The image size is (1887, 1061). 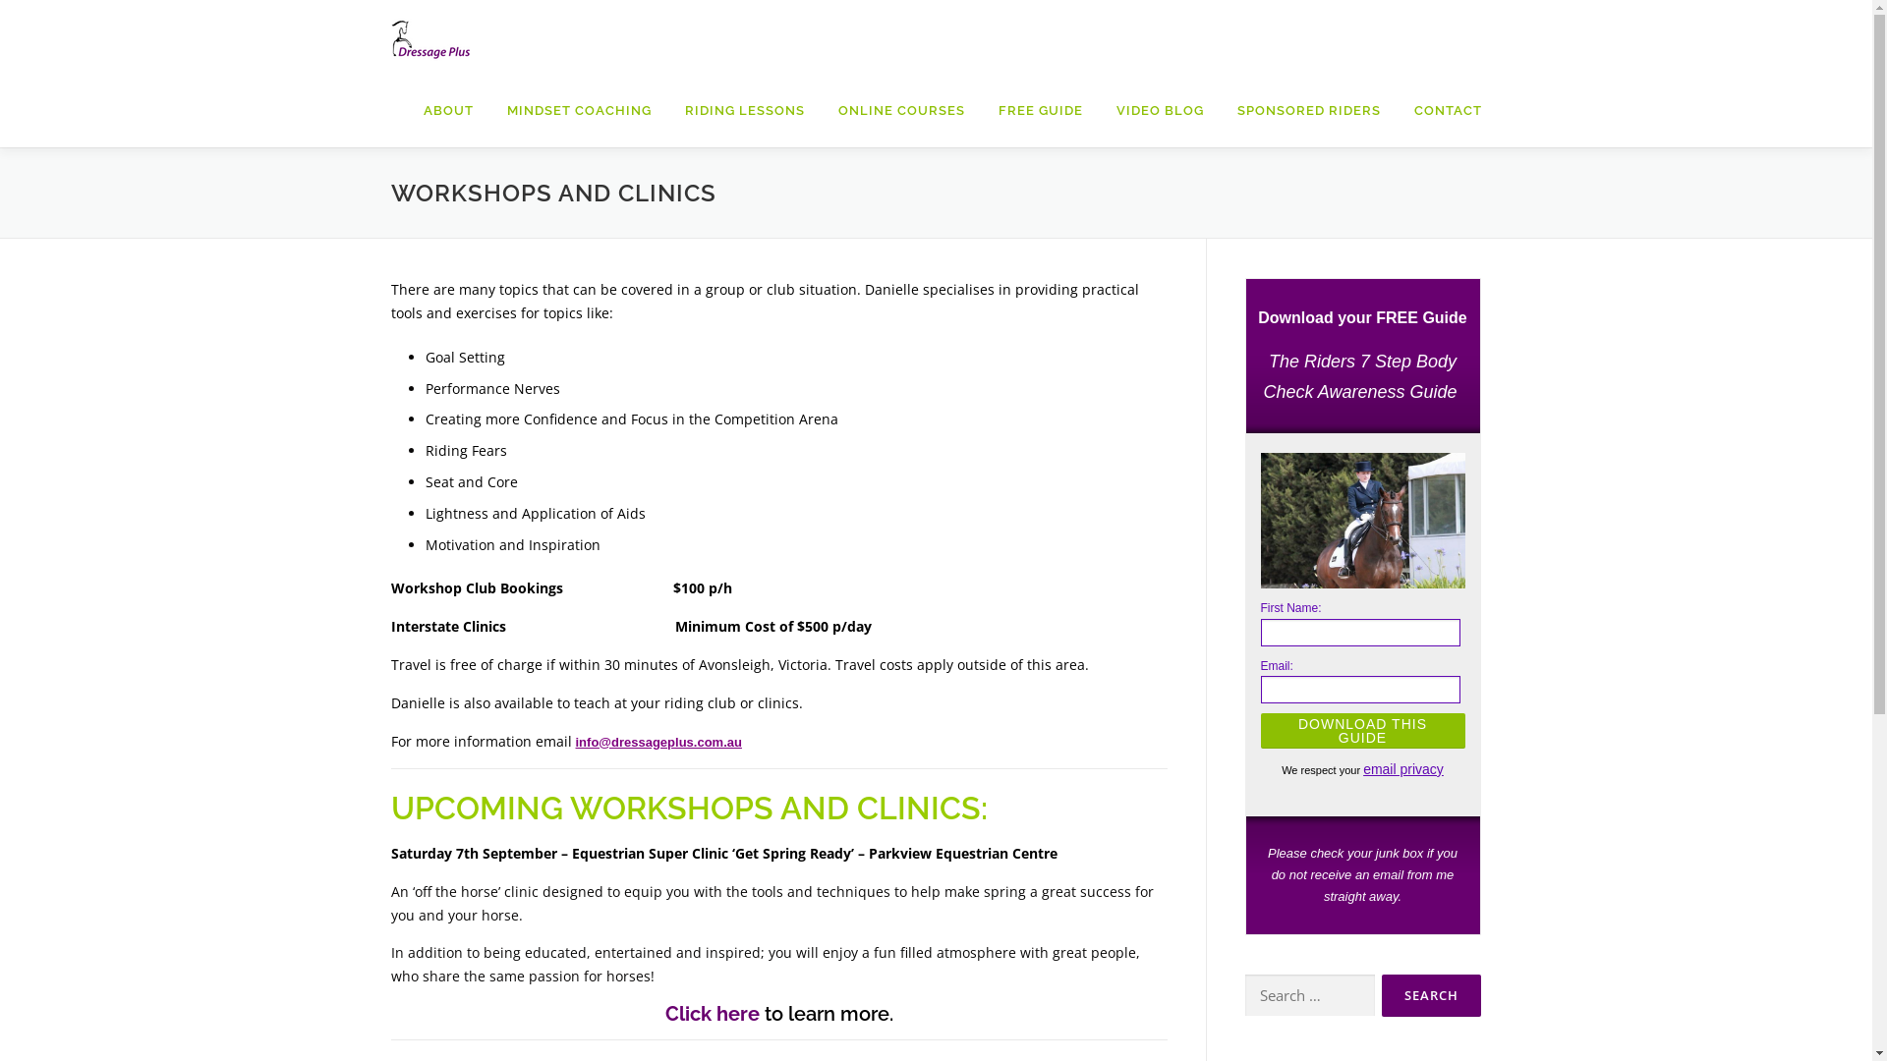 I want to click on 'email privacy', so click(x=1402, y=768).